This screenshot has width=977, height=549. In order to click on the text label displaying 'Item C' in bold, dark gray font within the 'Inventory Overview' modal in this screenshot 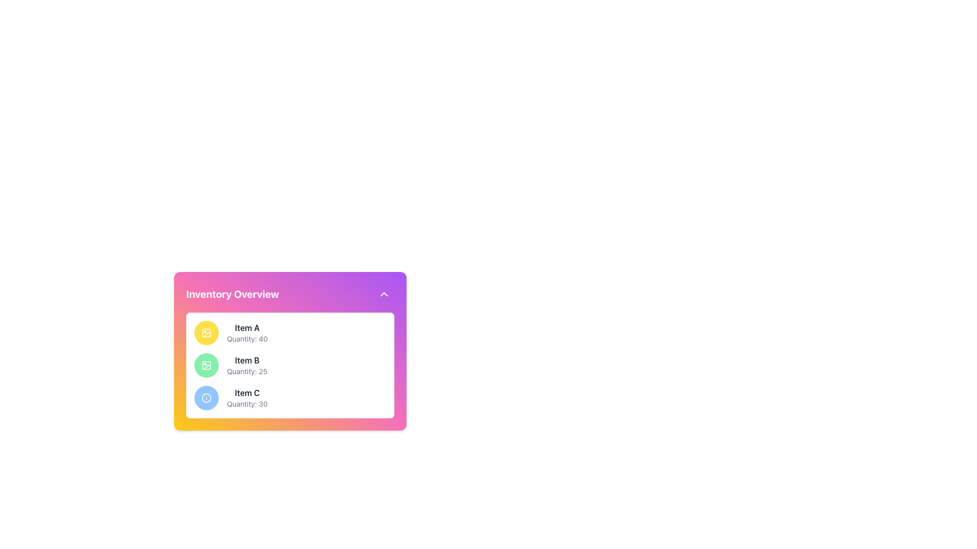, I will do `click(247, 392)`.